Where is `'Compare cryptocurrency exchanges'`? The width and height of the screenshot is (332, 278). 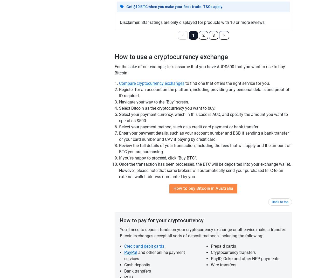 'Compare cryptocurrency exchanges' is located at coordinates (151, 83).